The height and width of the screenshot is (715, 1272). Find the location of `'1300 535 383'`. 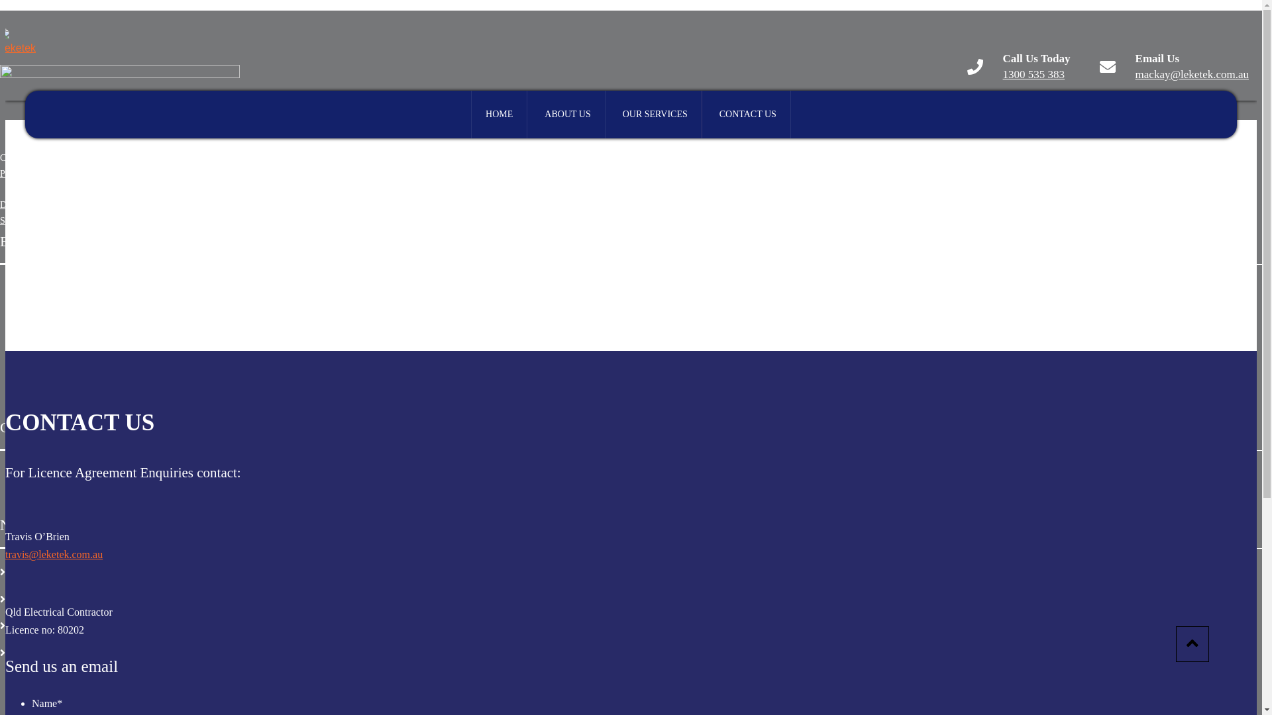

'1300 535 383' is located at coordinates (1002, 74).